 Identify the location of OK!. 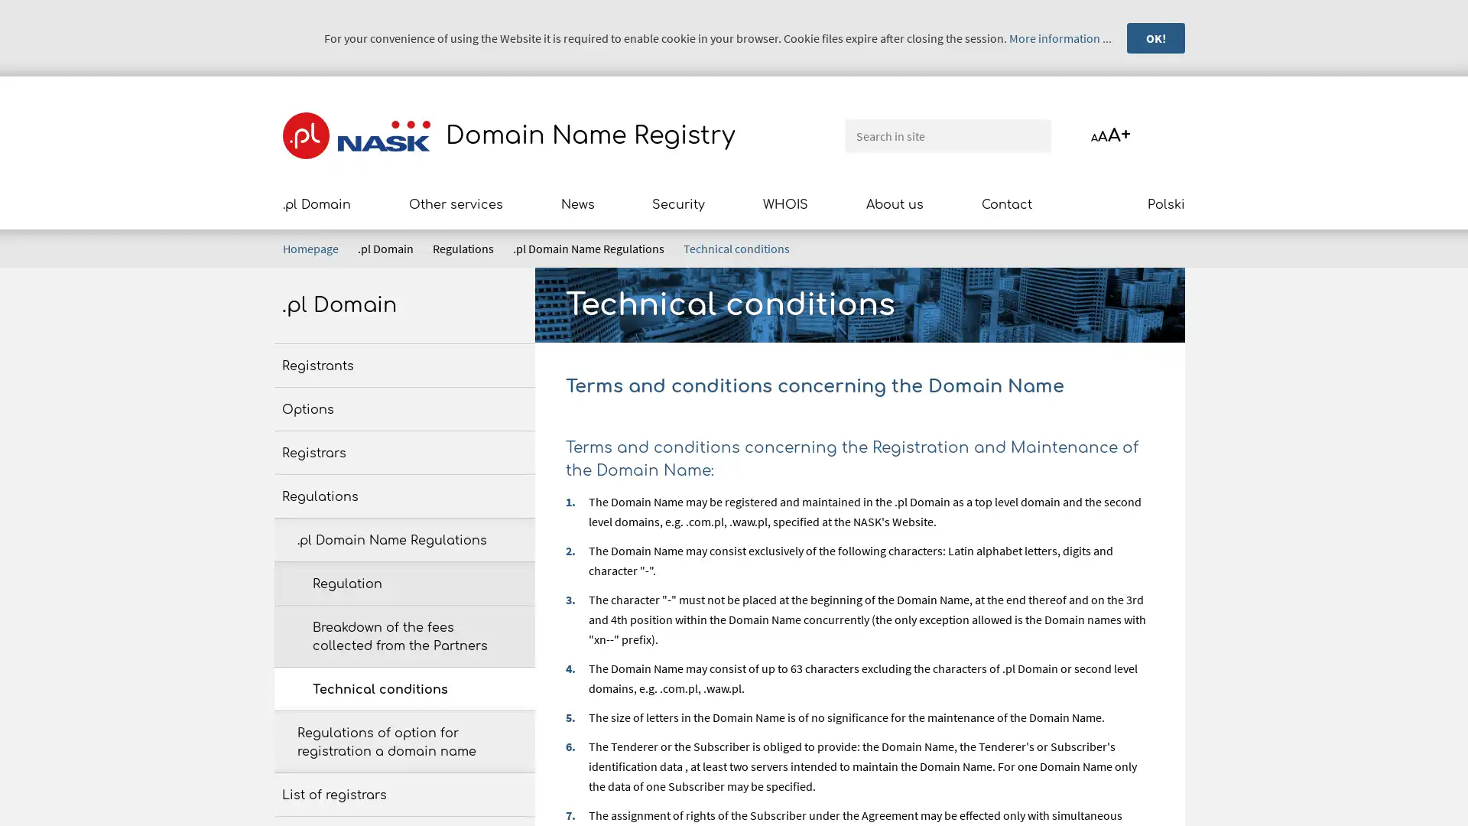
(1156, 37).